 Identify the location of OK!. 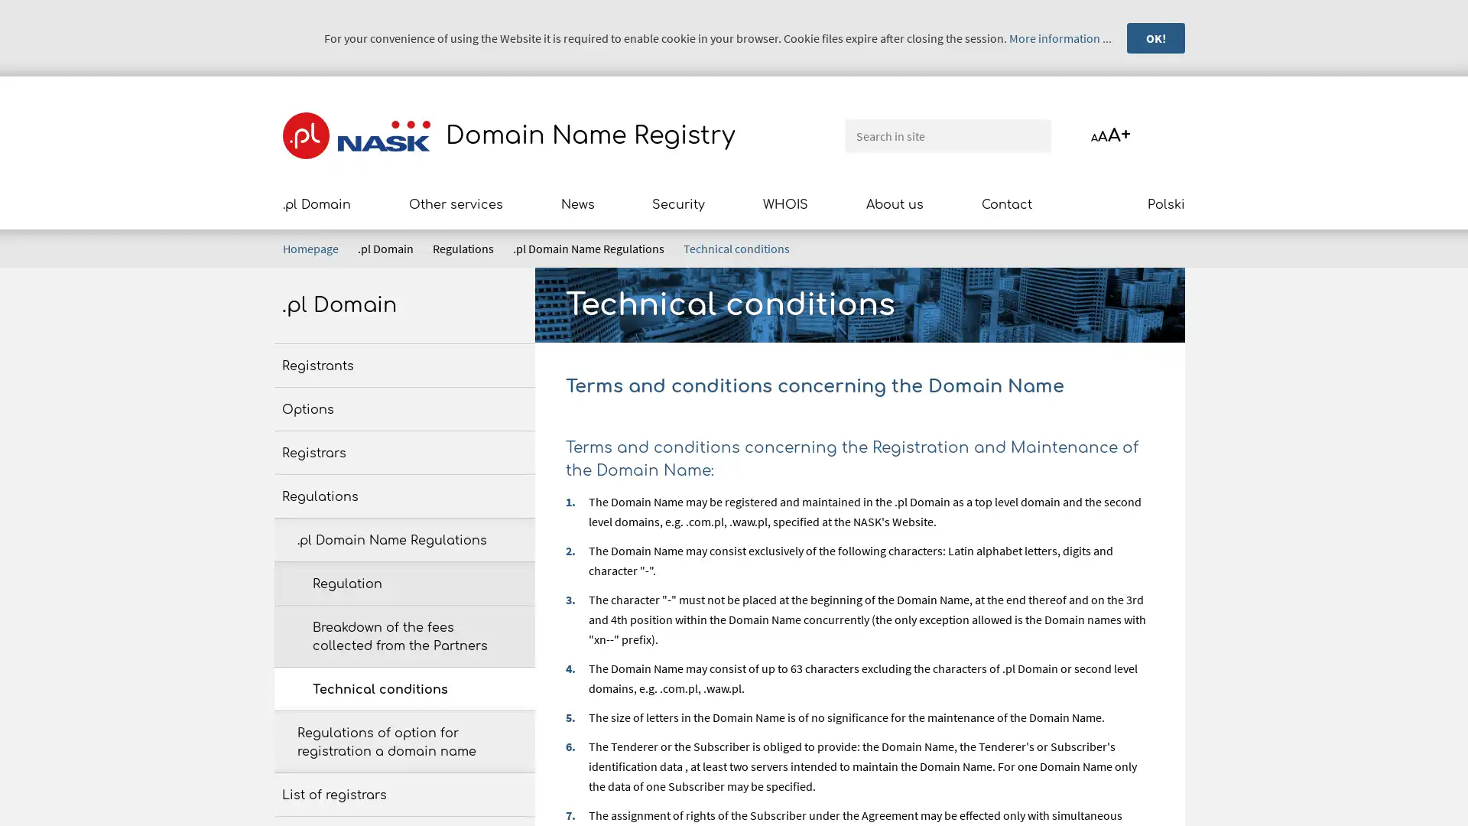
(1156, 37).